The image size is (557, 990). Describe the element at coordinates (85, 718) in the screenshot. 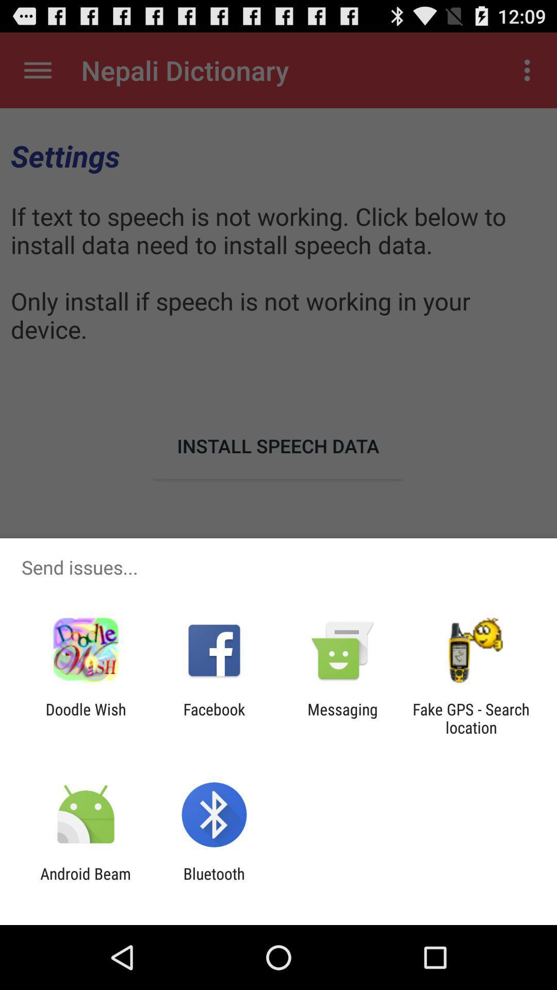

I see `the doodle wish icon` at that location.